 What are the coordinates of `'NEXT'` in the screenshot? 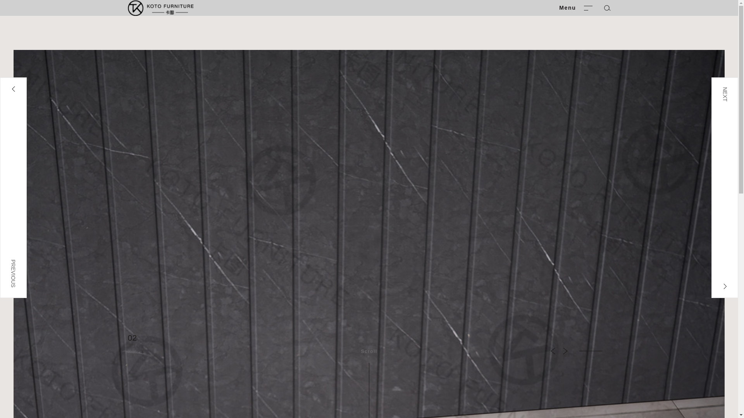 It's located at (712, 188).